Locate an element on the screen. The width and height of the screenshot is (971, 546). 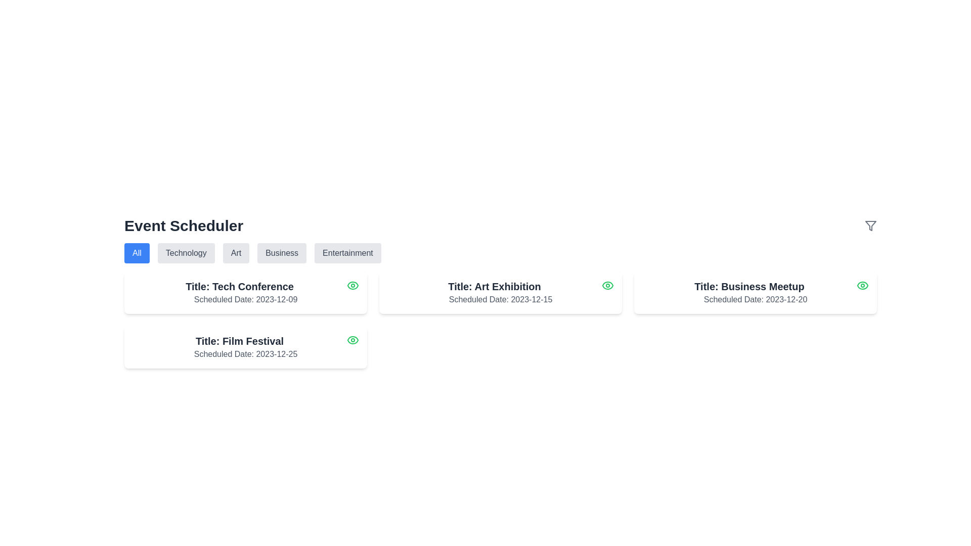
the 'All' button, which is a rectangular button with rounded corners, labeled in white text against a solid blue background, located in the first position of a horizontal row of category buttons under 'Event Scheduler.' is located at coordinates (136, 253).